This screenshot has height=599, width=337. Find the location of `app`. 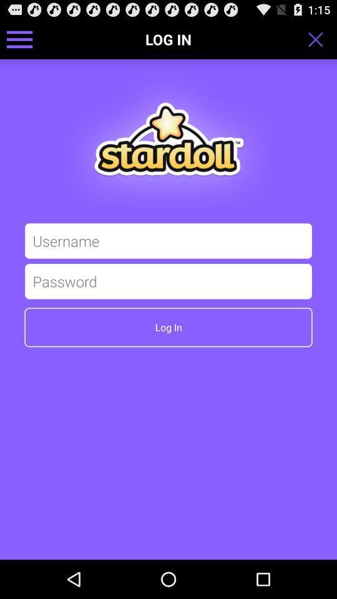

app is located at coordinates (320, 39).